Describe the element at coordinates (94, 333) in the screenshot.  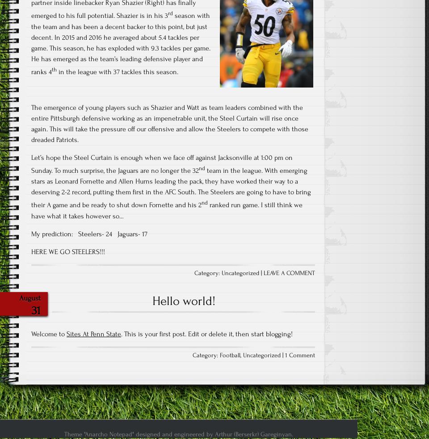
I see `'Sites At Penn State'` at that location.